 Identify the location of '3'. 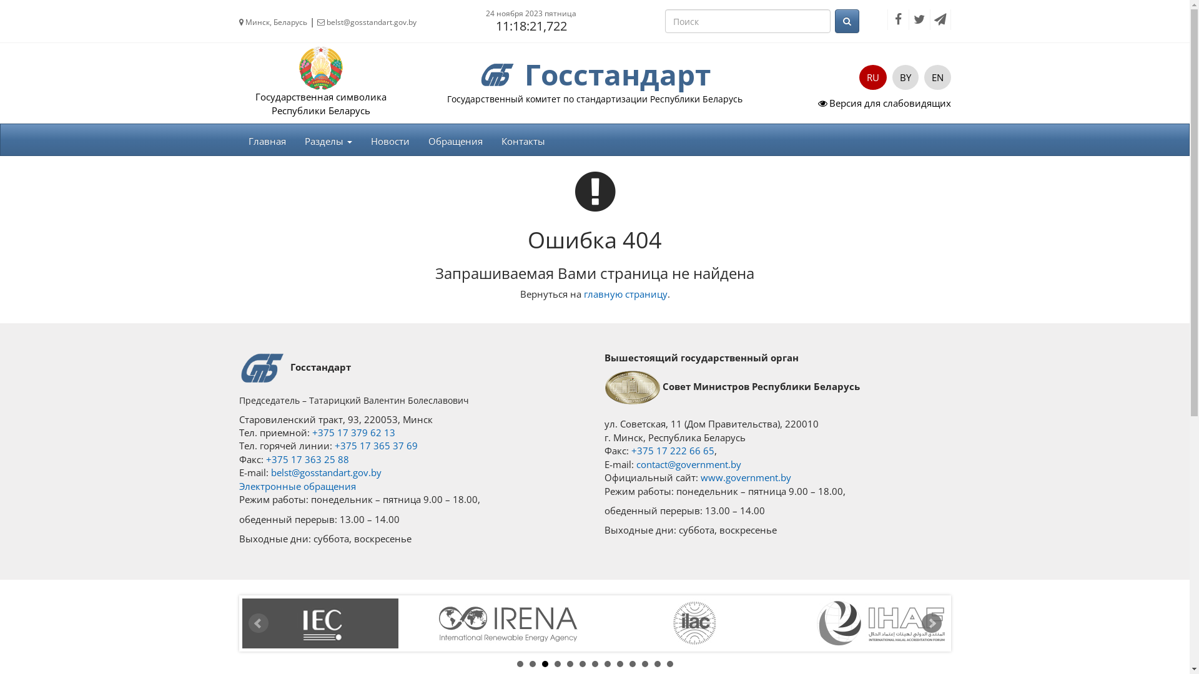
(545, 663).